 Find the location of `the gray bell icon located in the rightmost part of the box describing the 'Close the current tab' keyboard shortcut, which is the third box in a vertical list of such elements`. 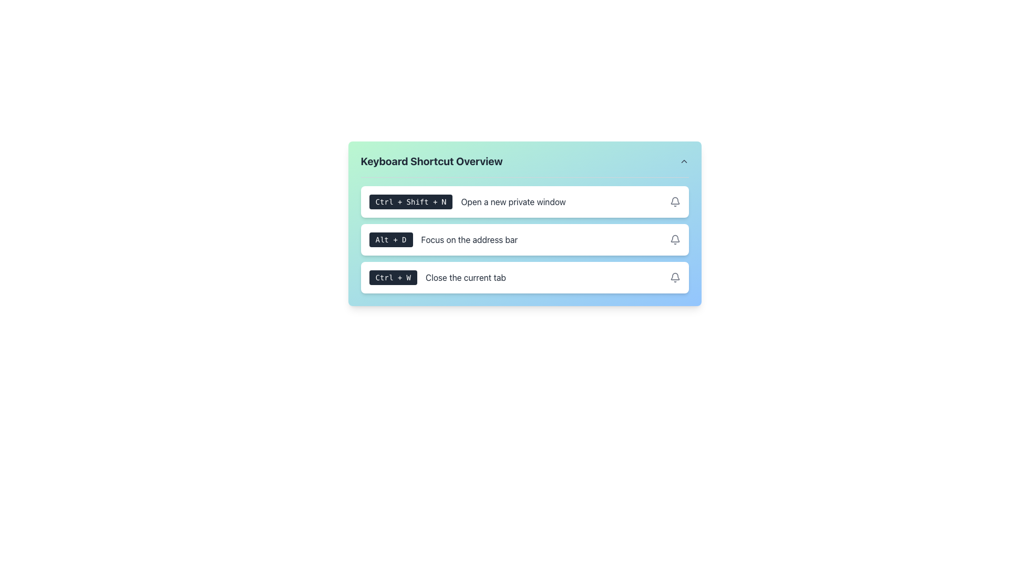

the gray bell icon located in the rightmost part of the box describing the 'Close the current tab' keyboard shortcut, which is the third box in a vertical list of such elements is located at coordinates (675, 277).